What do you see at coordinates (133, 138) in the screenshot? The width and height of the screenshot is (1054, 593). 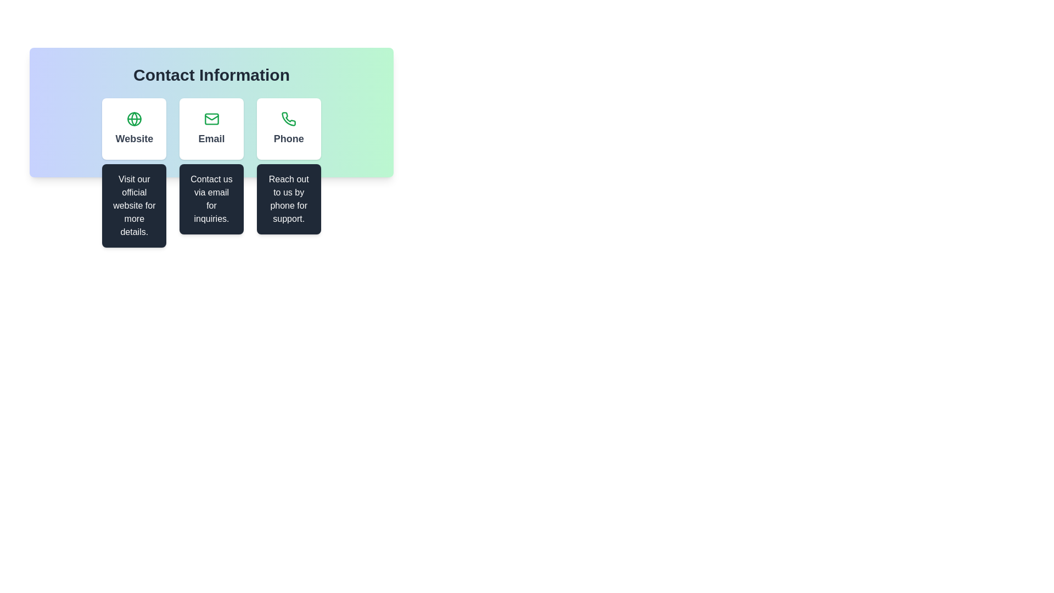 I see `the text label displaying 'Website' in bold dark gray font, located in the first column under the 'Contact Information' section` at bounding box center [133, 138].